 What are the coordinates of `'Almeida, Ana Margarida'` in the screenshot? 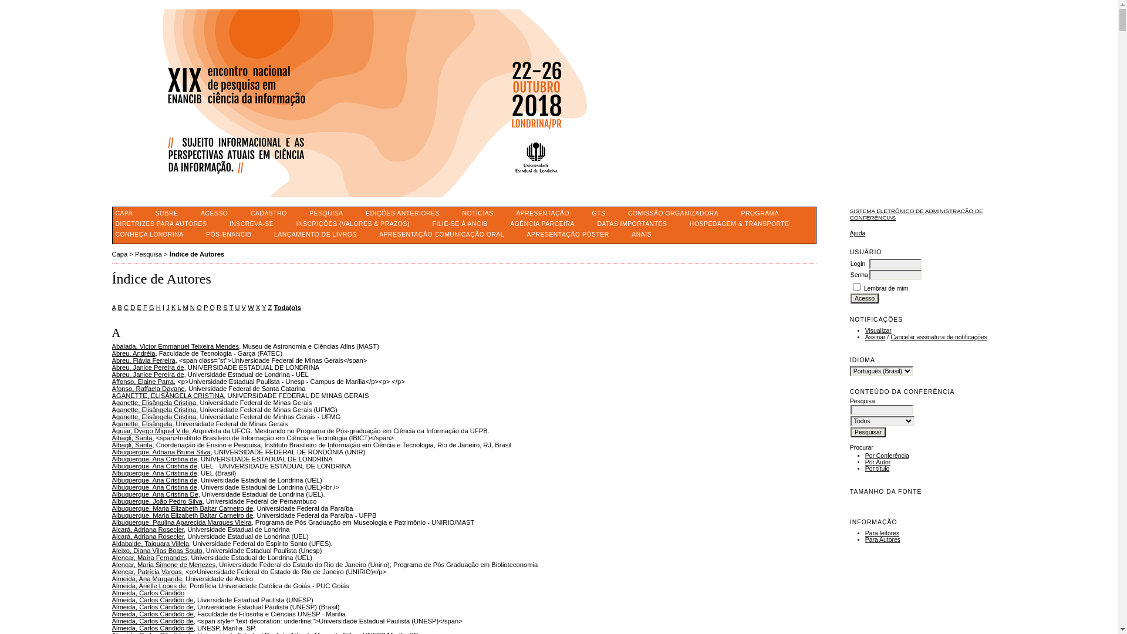 It's located at (146, 578).